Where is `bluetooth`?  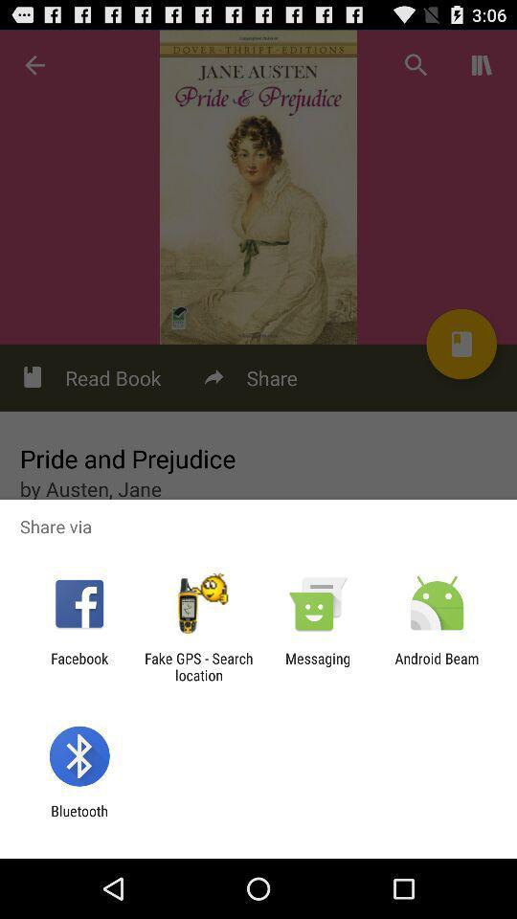
bluetooth is located at coordinates (79, 818).